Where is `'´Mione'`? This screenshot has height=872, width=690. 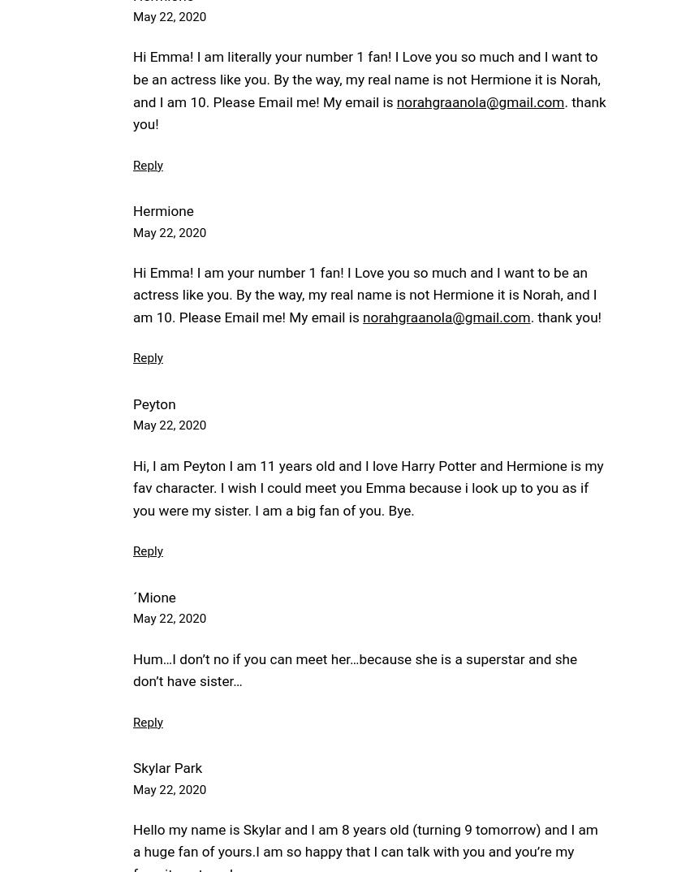
'´Mione' is located at coordinates (153, 597).